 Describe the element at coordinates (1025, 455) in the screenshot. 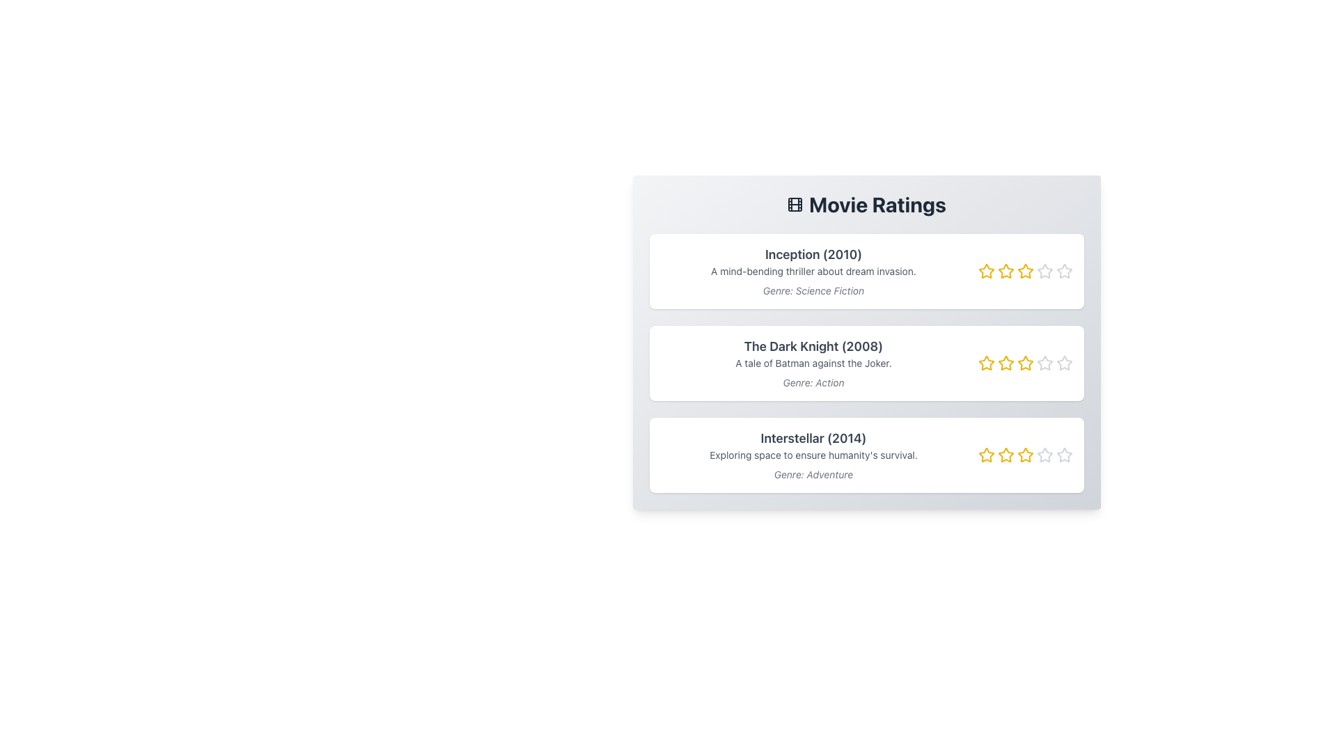

I see `the third filled star in the rating bar for the movie 'Interstellar (2014)'` at that location.